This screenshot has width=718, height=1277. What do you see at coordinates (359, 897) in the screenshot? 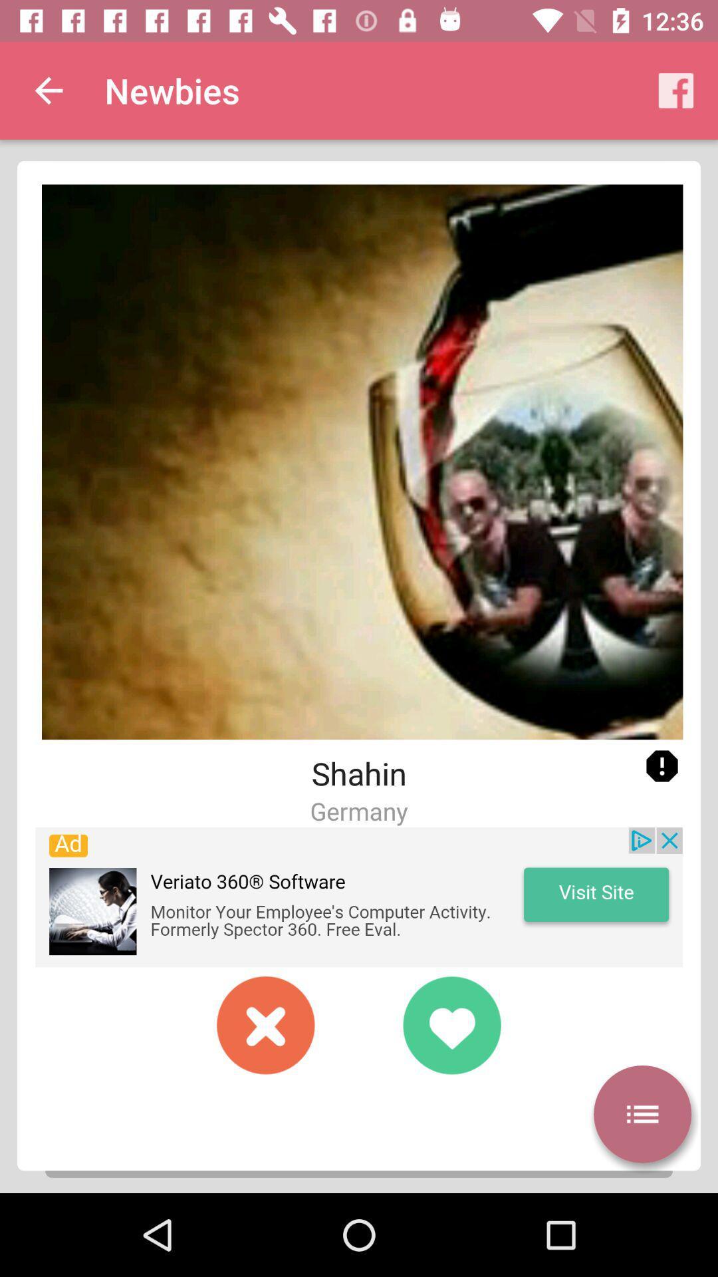
I see `open an advertised app` at bounding box center [359, 897].